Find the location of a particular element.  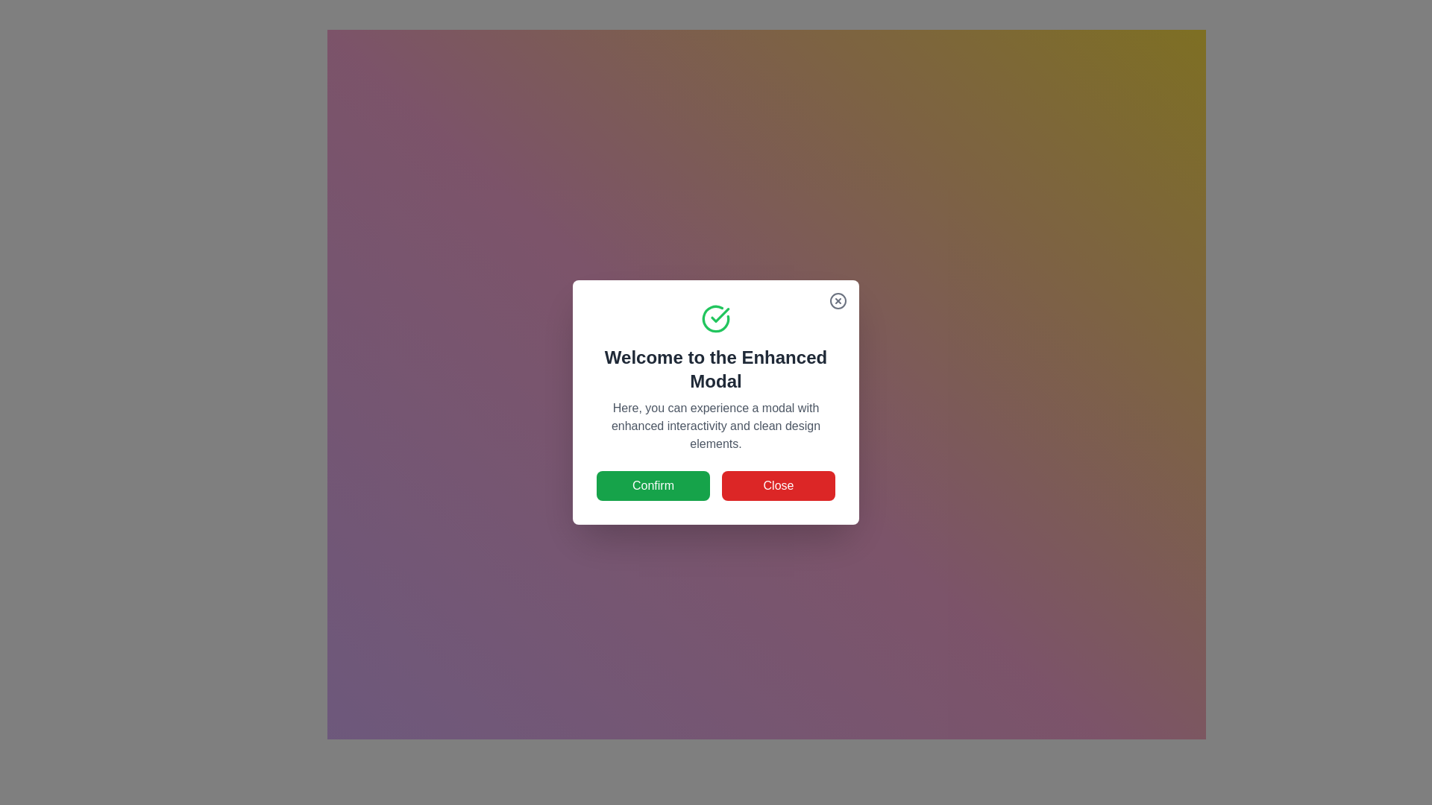

the success icon located at the top of the modal dialog box, centered above the title text 'Welcome to the Enhanced Modal', to visually confirm the positive message is located at coordinates (716, 318).